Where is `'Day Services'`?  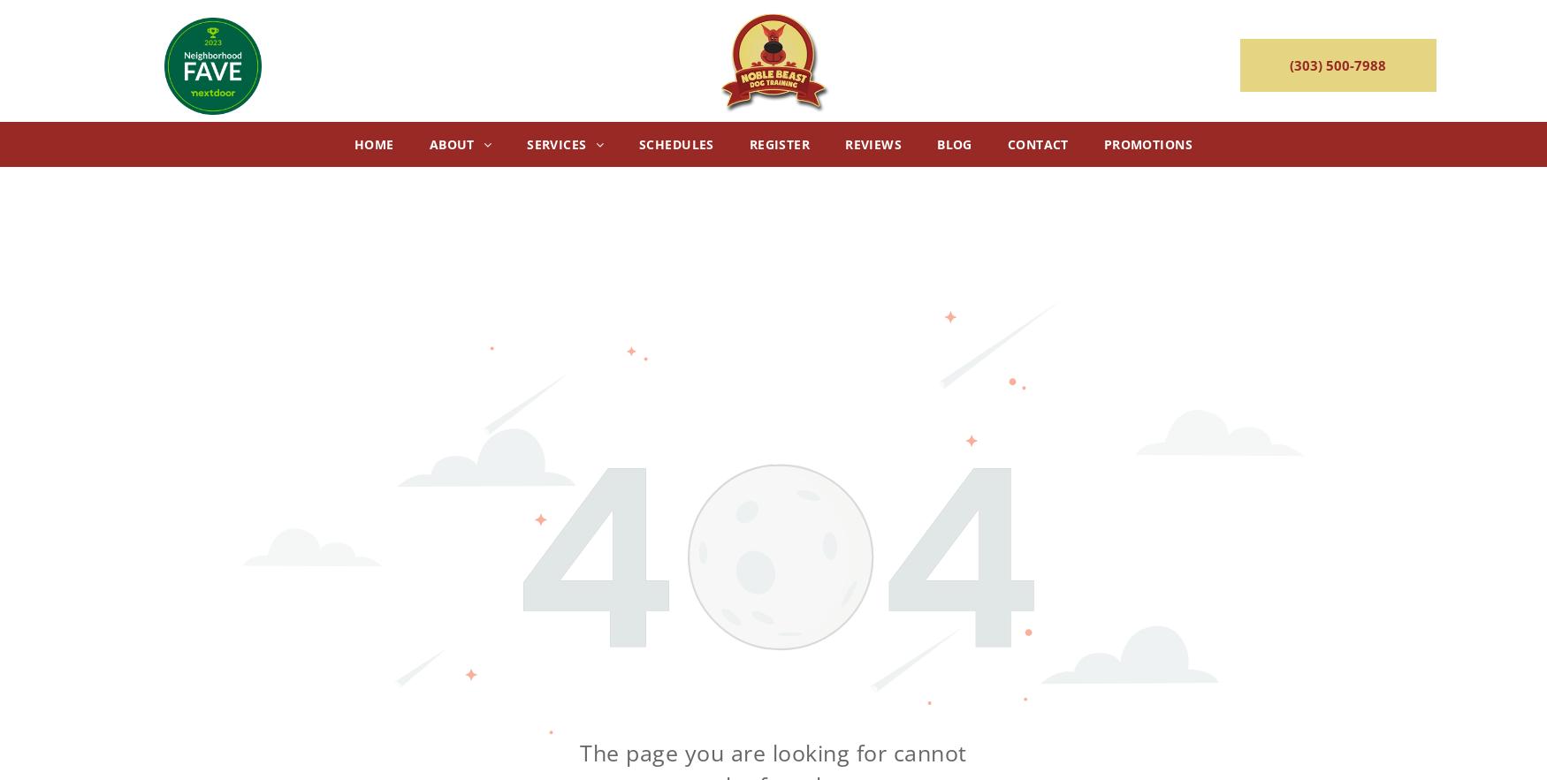
'Day Services' is located at coordinates (579, 177).